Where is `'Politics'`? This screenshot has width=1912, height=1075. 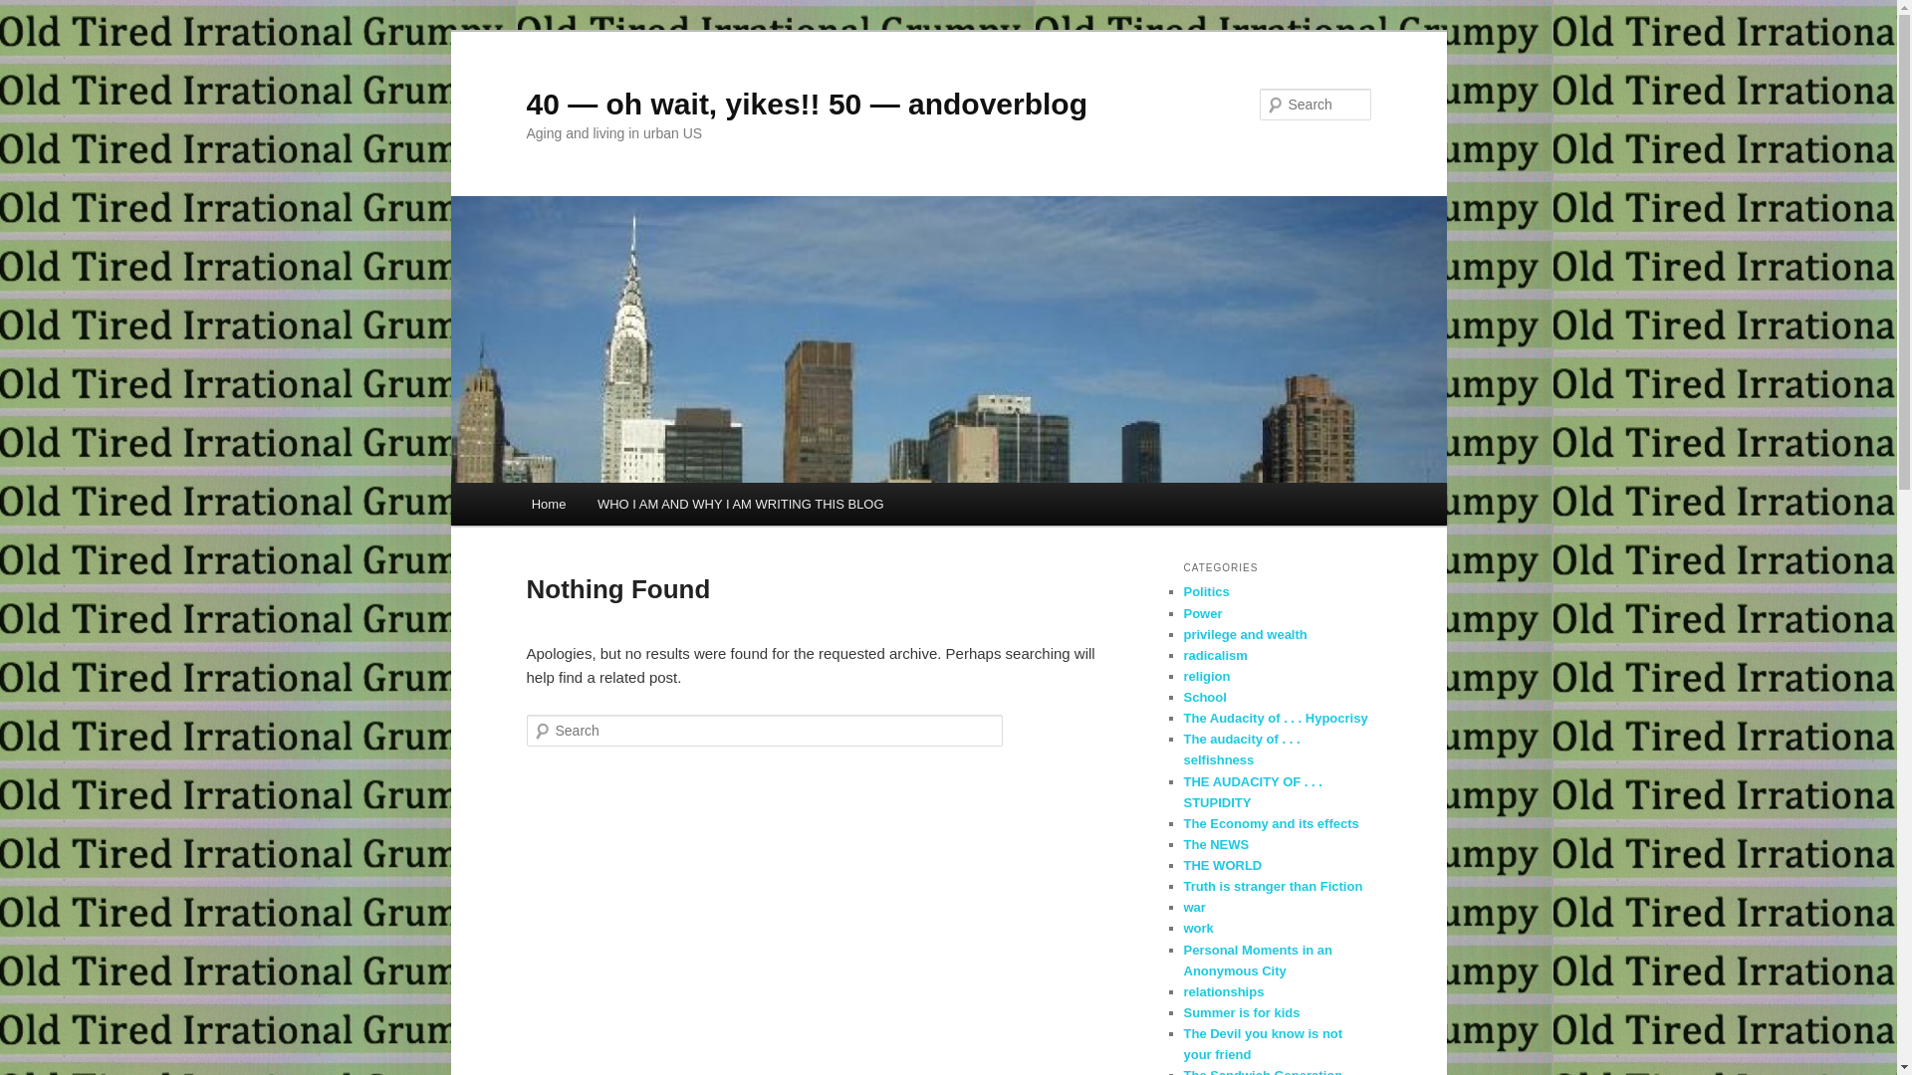 'Politics' is located at coordinates (1204, 590).